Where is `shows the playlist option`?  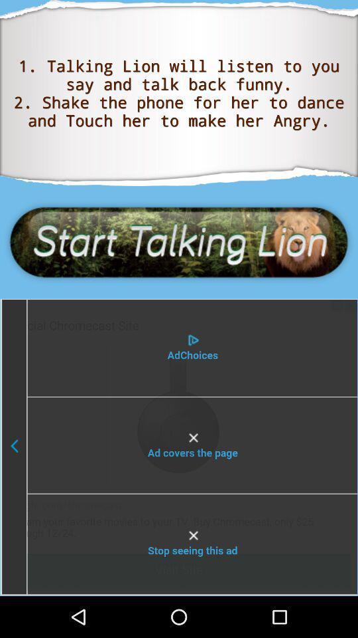 shows the playlist option is located at coordinates (178, 447).